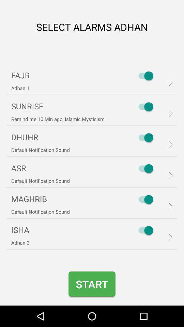  What do you see at coordinates (144, 199) in the screenshot?
I see `the item next to the default notification sound` at bounding box center [144, 199].